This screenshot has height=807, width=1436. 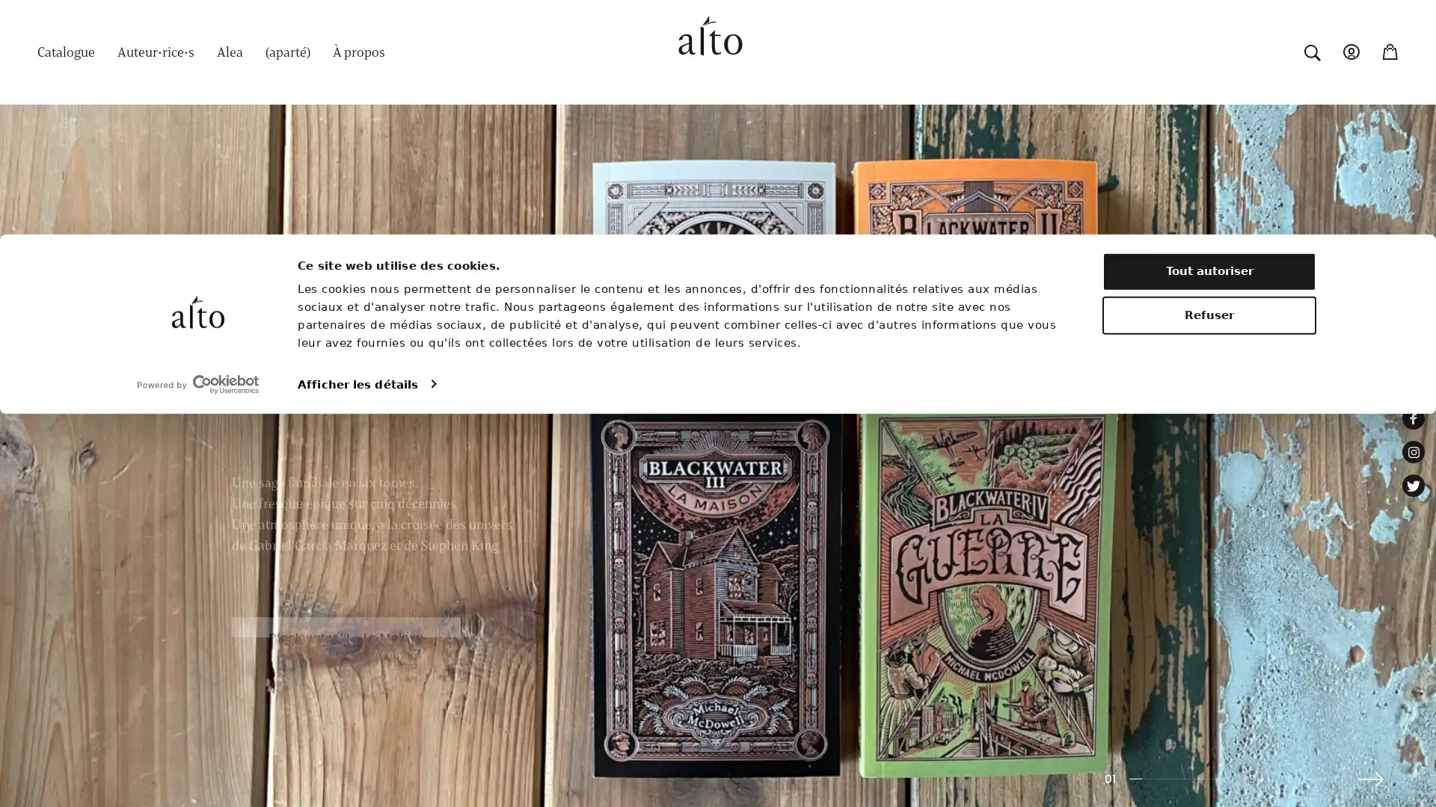 I want to click on Alea, so click(x=229, y=51).